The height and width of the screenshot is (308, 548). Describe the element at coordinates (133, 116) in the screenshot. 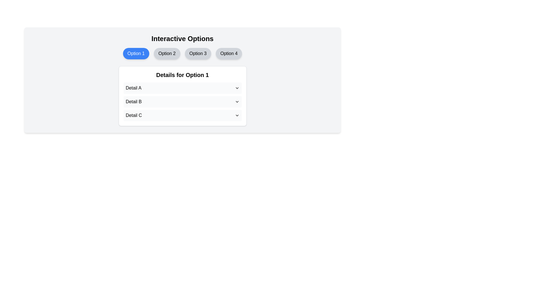

I see `the dropdown associated with the label 'Detail C'` at that location.